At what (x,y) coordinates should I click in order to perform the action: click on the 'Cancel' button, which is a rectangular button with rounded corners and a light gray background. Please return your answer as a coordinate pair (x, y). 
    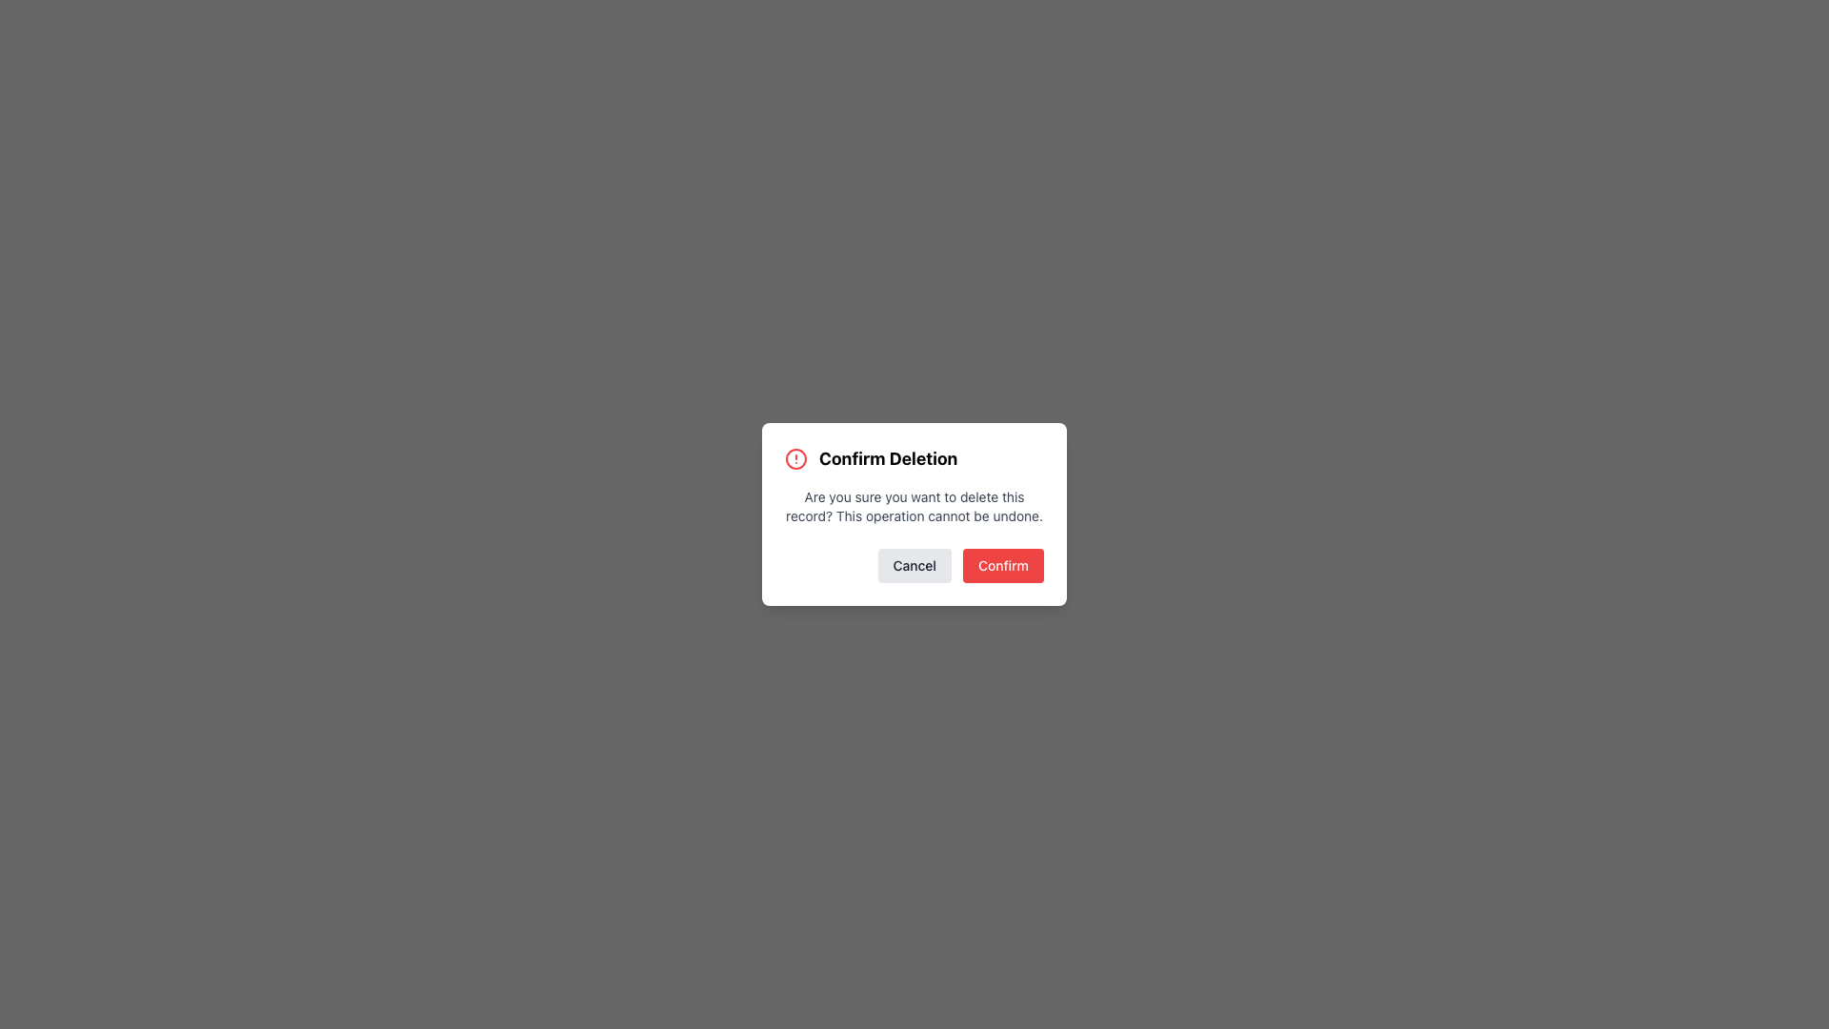
    Looking at the image, I should click on (914, 565).